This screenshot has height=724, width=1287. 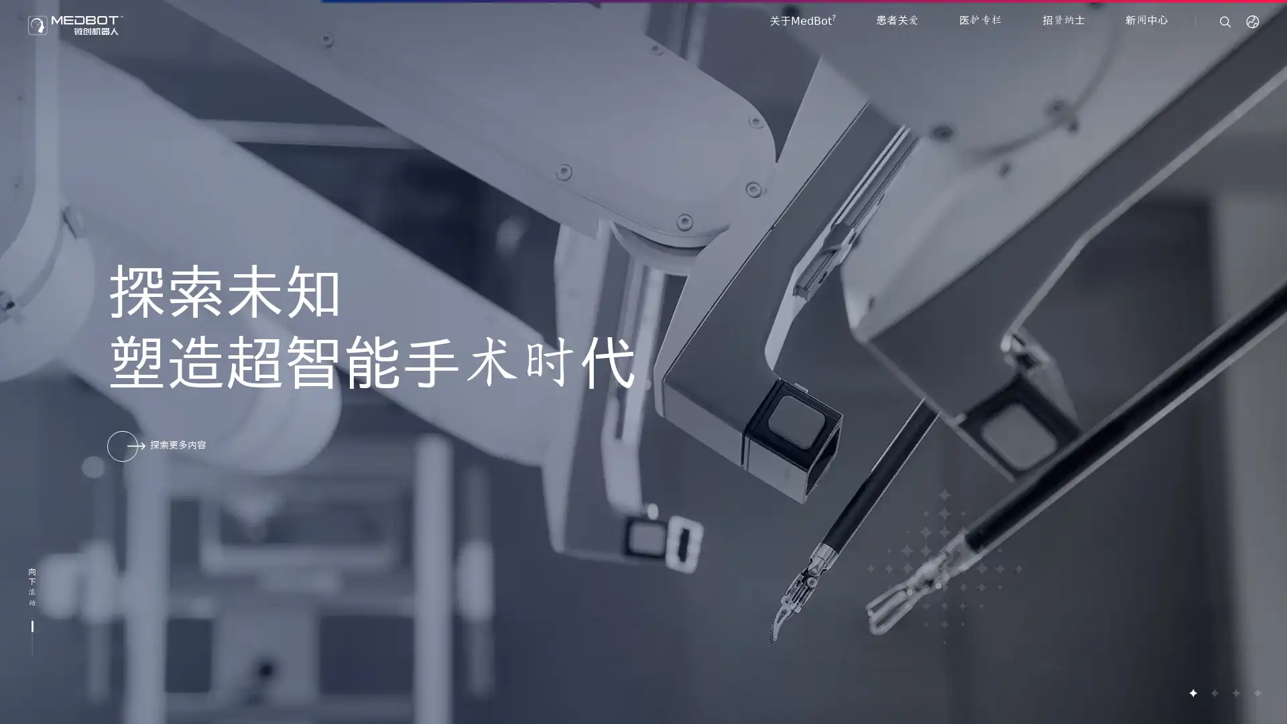 What do you see at coordinates (1256, 692) in the screenshot?
I see `Go to slide 4` at bounding box center [1256, 692].